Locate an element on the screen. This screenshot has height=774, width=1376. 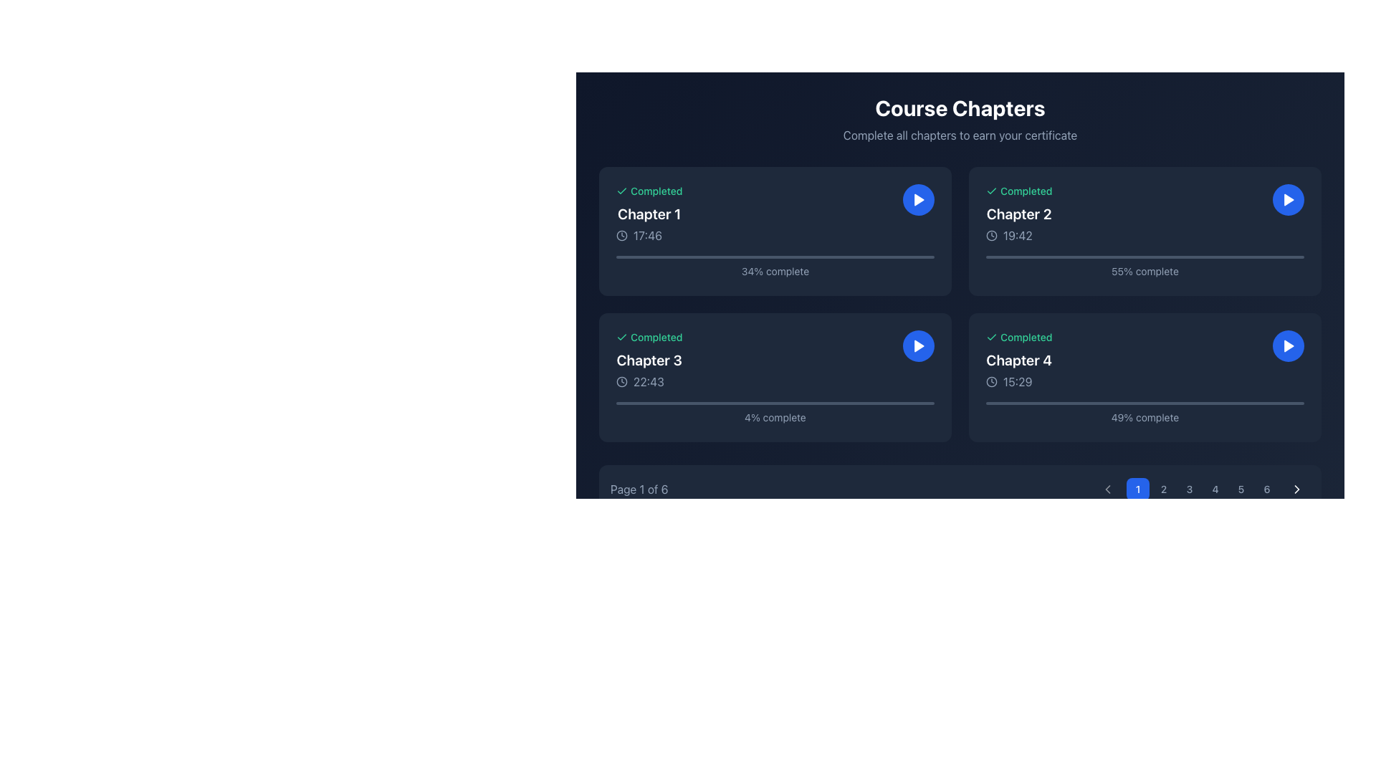
the time displayed in the text-based informational element showing '22:43' in slate-gray color, located in the bottom-left portion of the 'Chapter 3' card is located at coordinates (649, 381).